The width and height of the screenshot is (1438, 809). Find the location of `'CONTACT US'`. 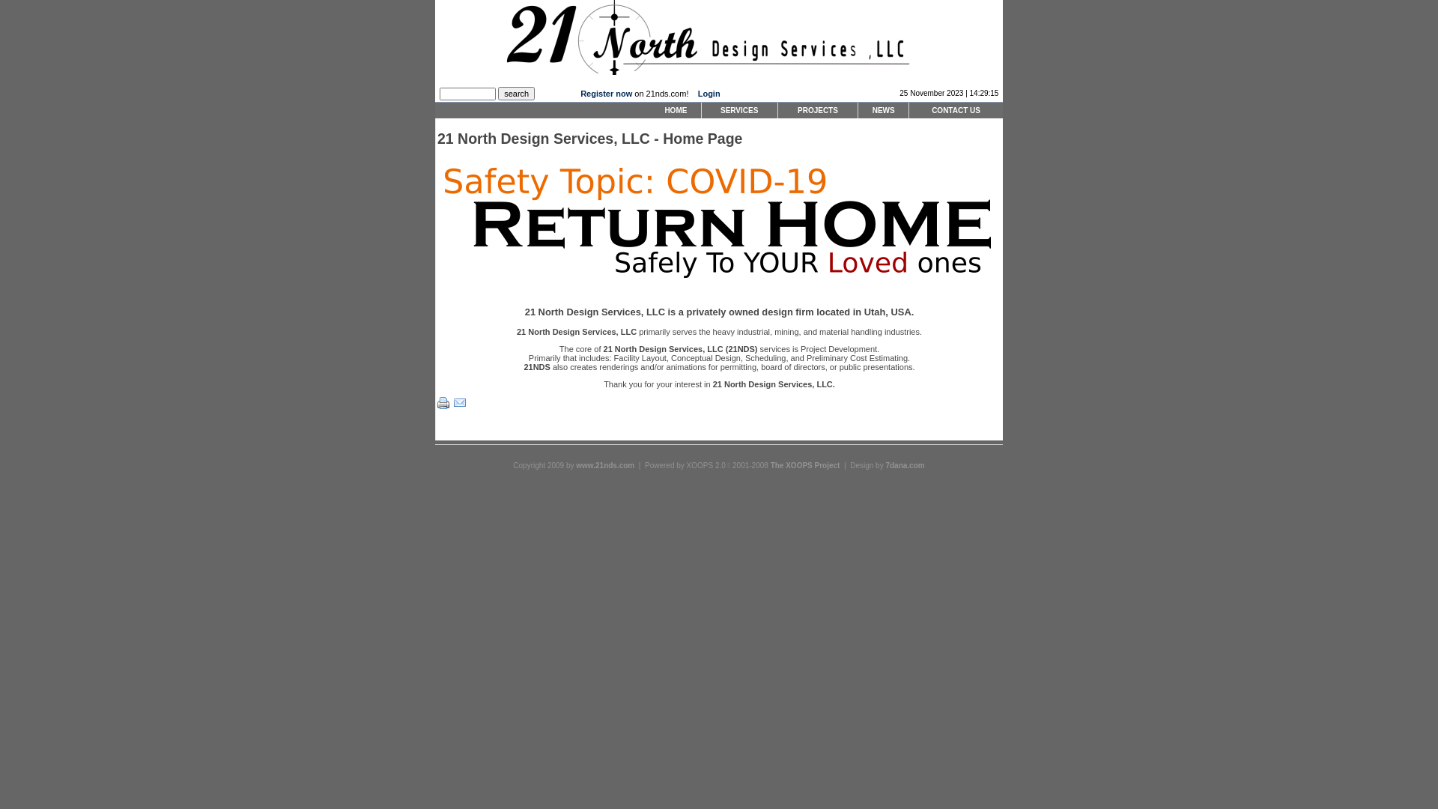

'CONTACT US' is located at coordinates (955, 109).